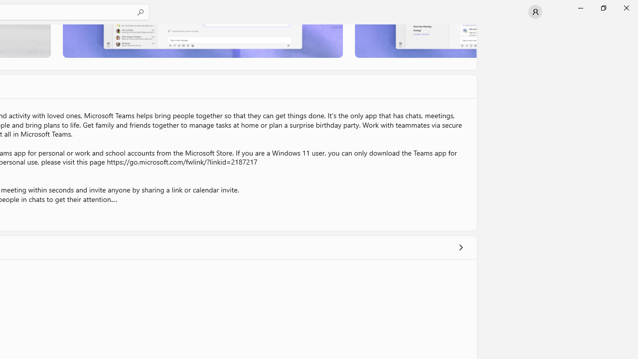 This screenshot has height=359, width=638. I want to click on 'Close Microsoft Store', so click(626, 7).